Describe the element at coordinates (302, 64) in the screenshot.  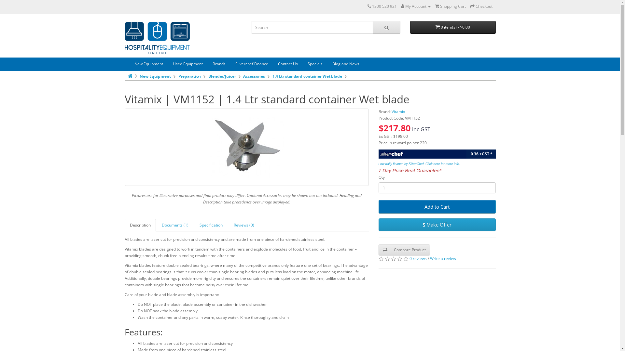
I see `'Specials'` at that location.